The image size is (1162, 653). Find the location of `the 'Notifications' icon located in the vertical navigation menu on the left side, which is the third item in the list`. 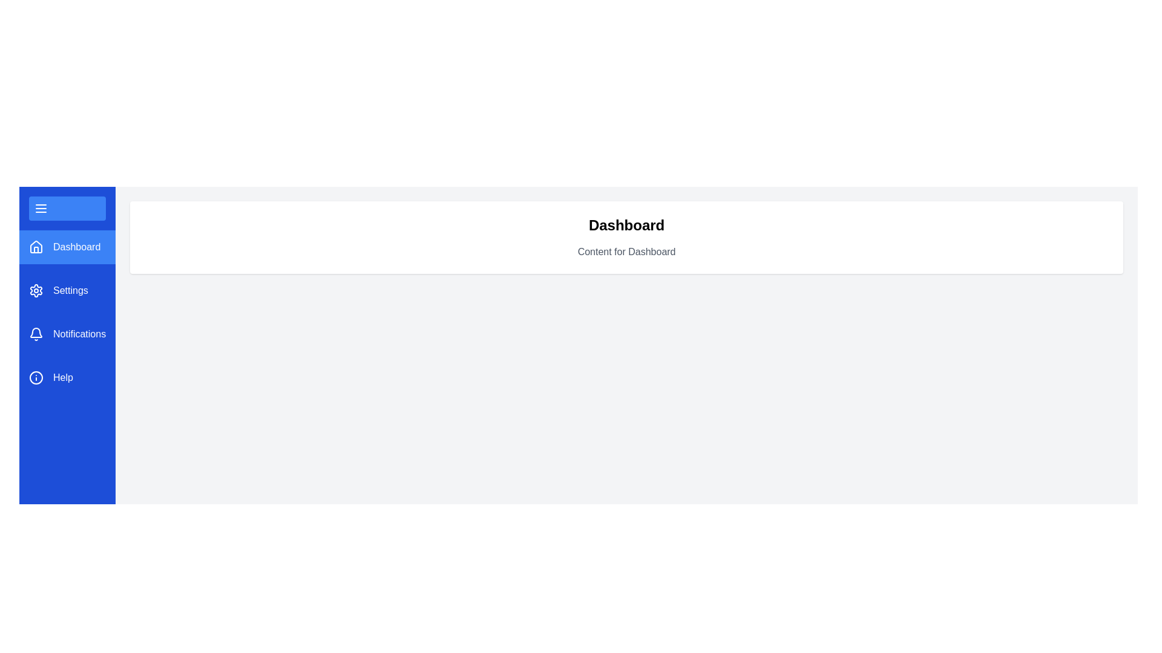

the 'Notifications' icon located in the vertical navigation menu on the left side, which is the third item in the list is located at coordinates (36, 334).